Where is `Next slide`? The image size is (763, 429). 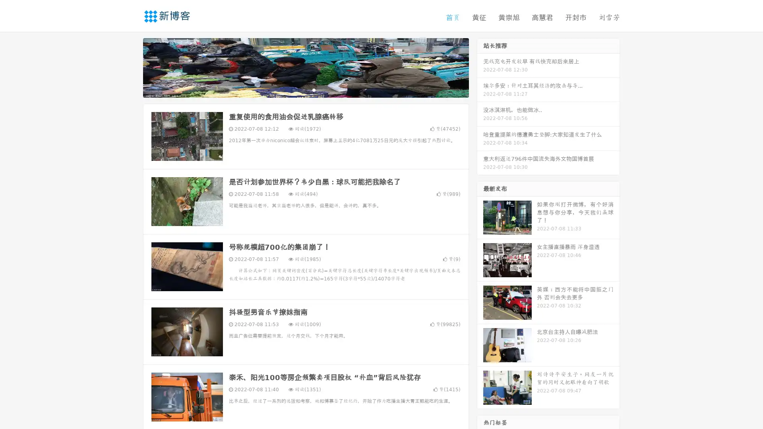
Next slide is located at coordinates (480, 67).